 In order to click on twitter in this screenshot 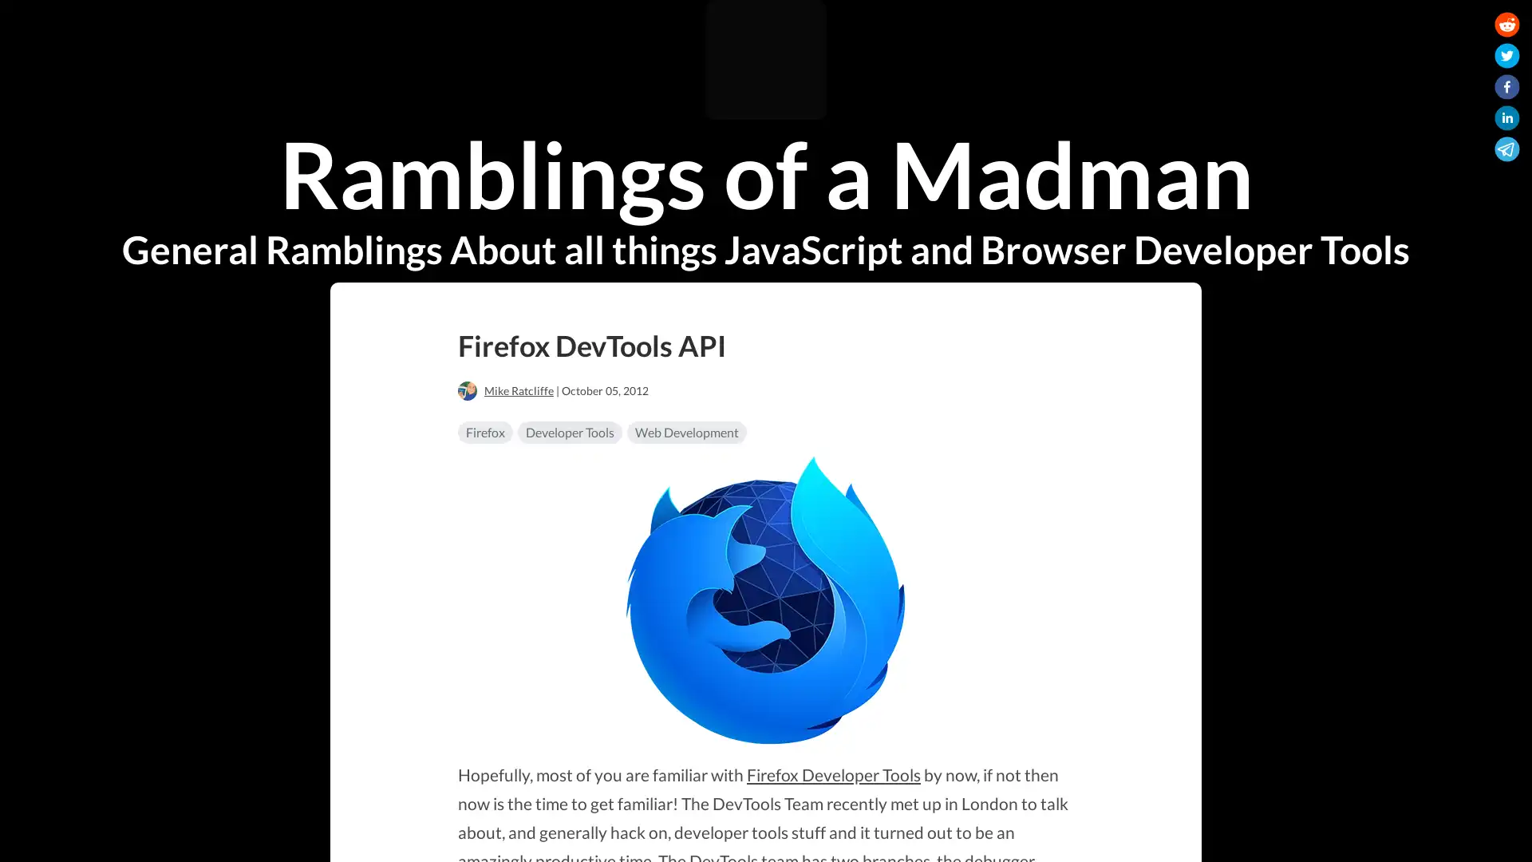, I will do `click(1506, 57)`.